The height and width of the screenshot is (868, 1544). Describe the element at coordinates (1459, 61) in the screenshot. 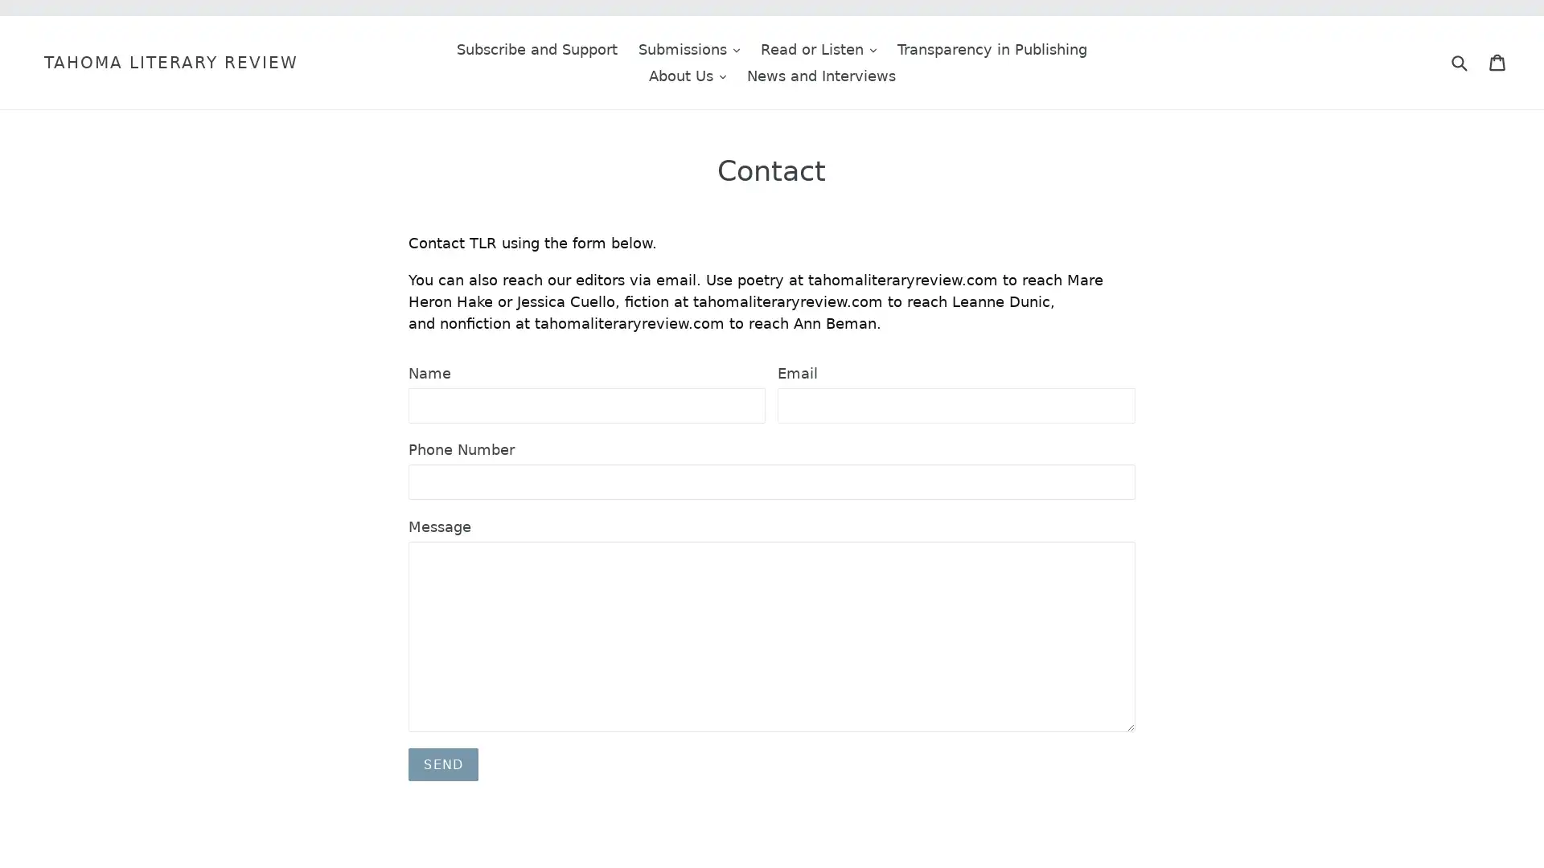

I see `Submit` at that location.